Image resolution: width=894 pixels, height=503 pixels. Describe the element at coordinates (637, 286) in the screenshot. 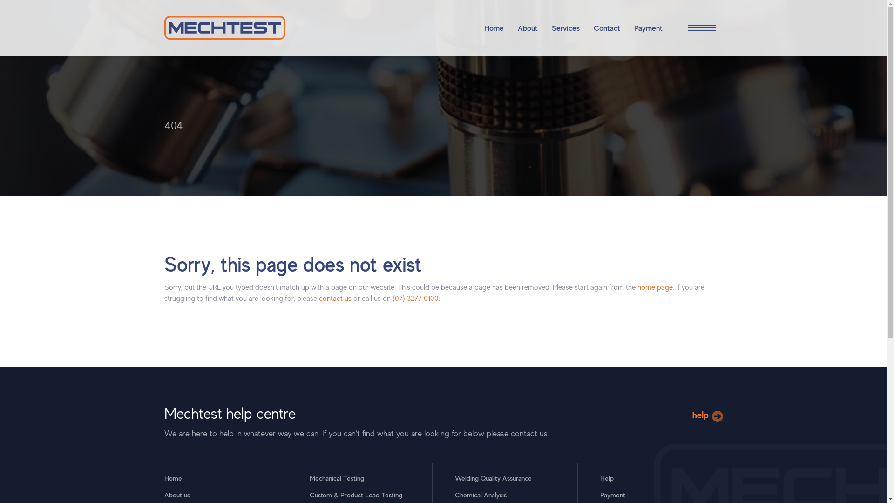

I see `'home page'` at that location.